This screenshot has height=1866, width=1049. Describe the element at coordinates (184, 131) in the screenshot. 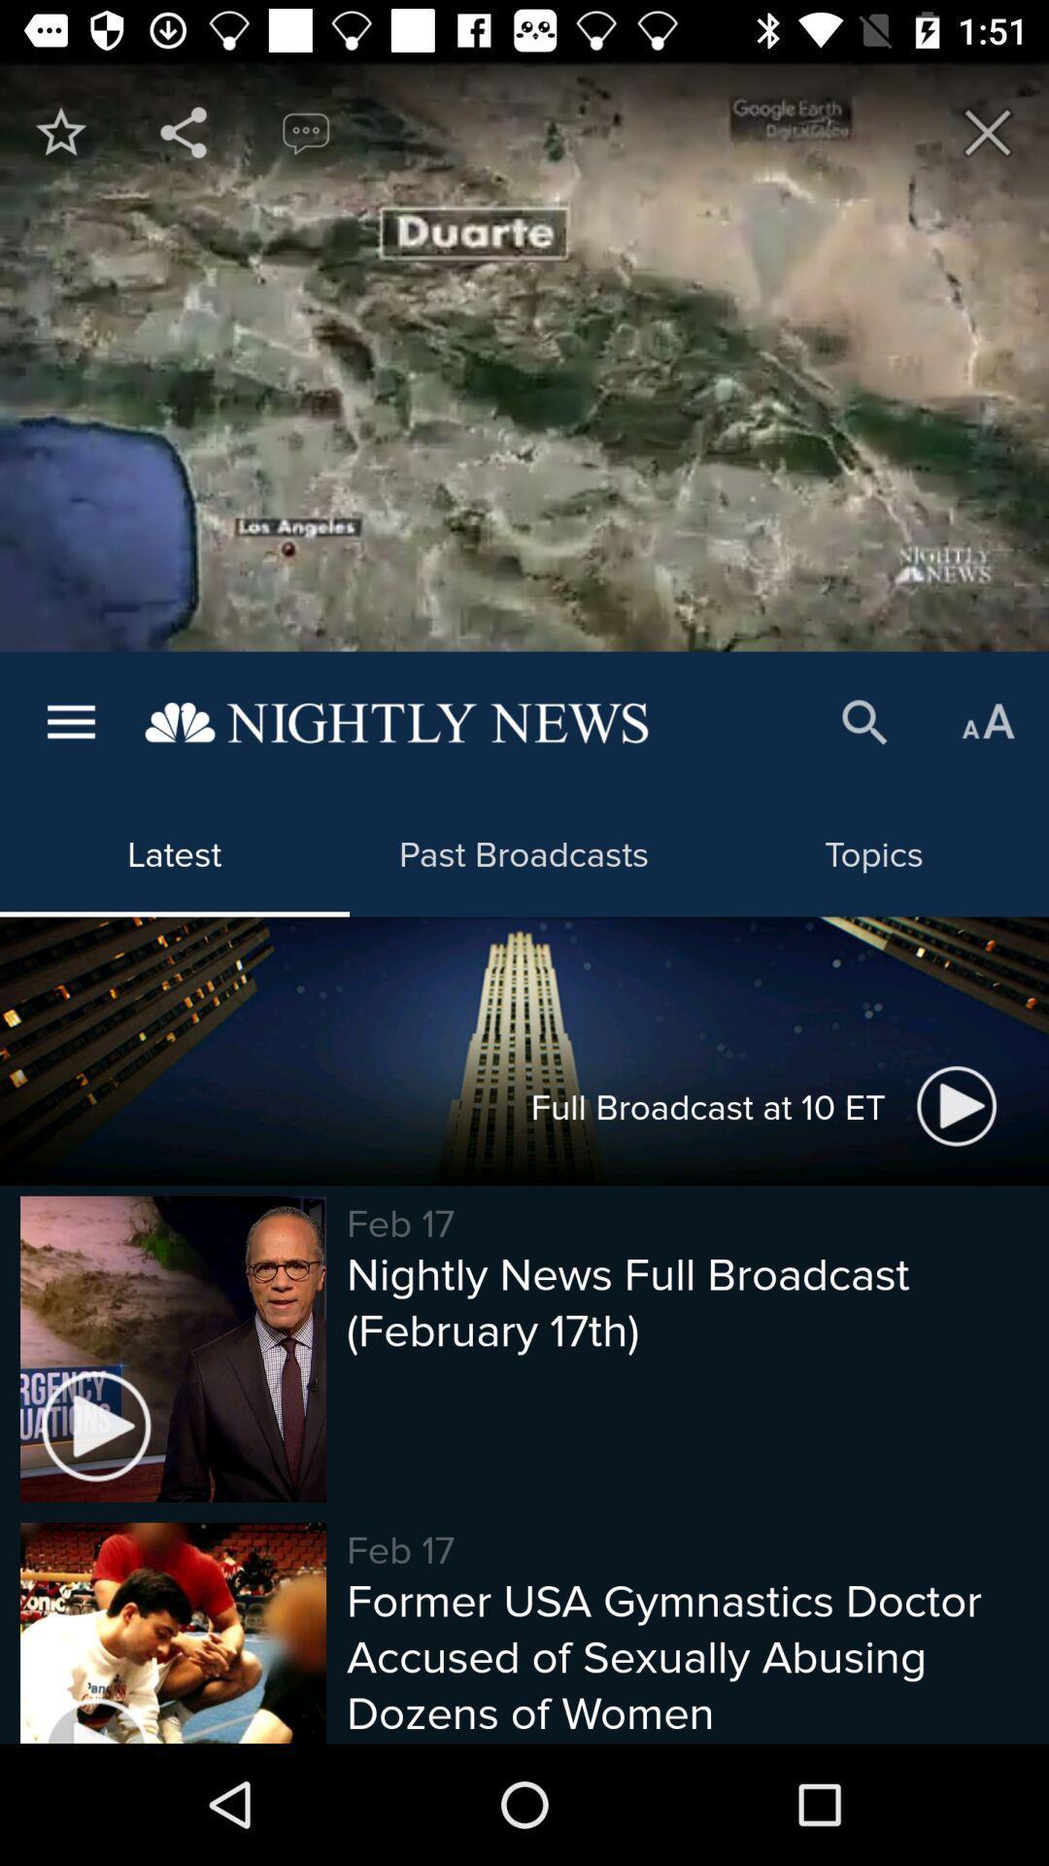

I see `the share icon button` at that location.